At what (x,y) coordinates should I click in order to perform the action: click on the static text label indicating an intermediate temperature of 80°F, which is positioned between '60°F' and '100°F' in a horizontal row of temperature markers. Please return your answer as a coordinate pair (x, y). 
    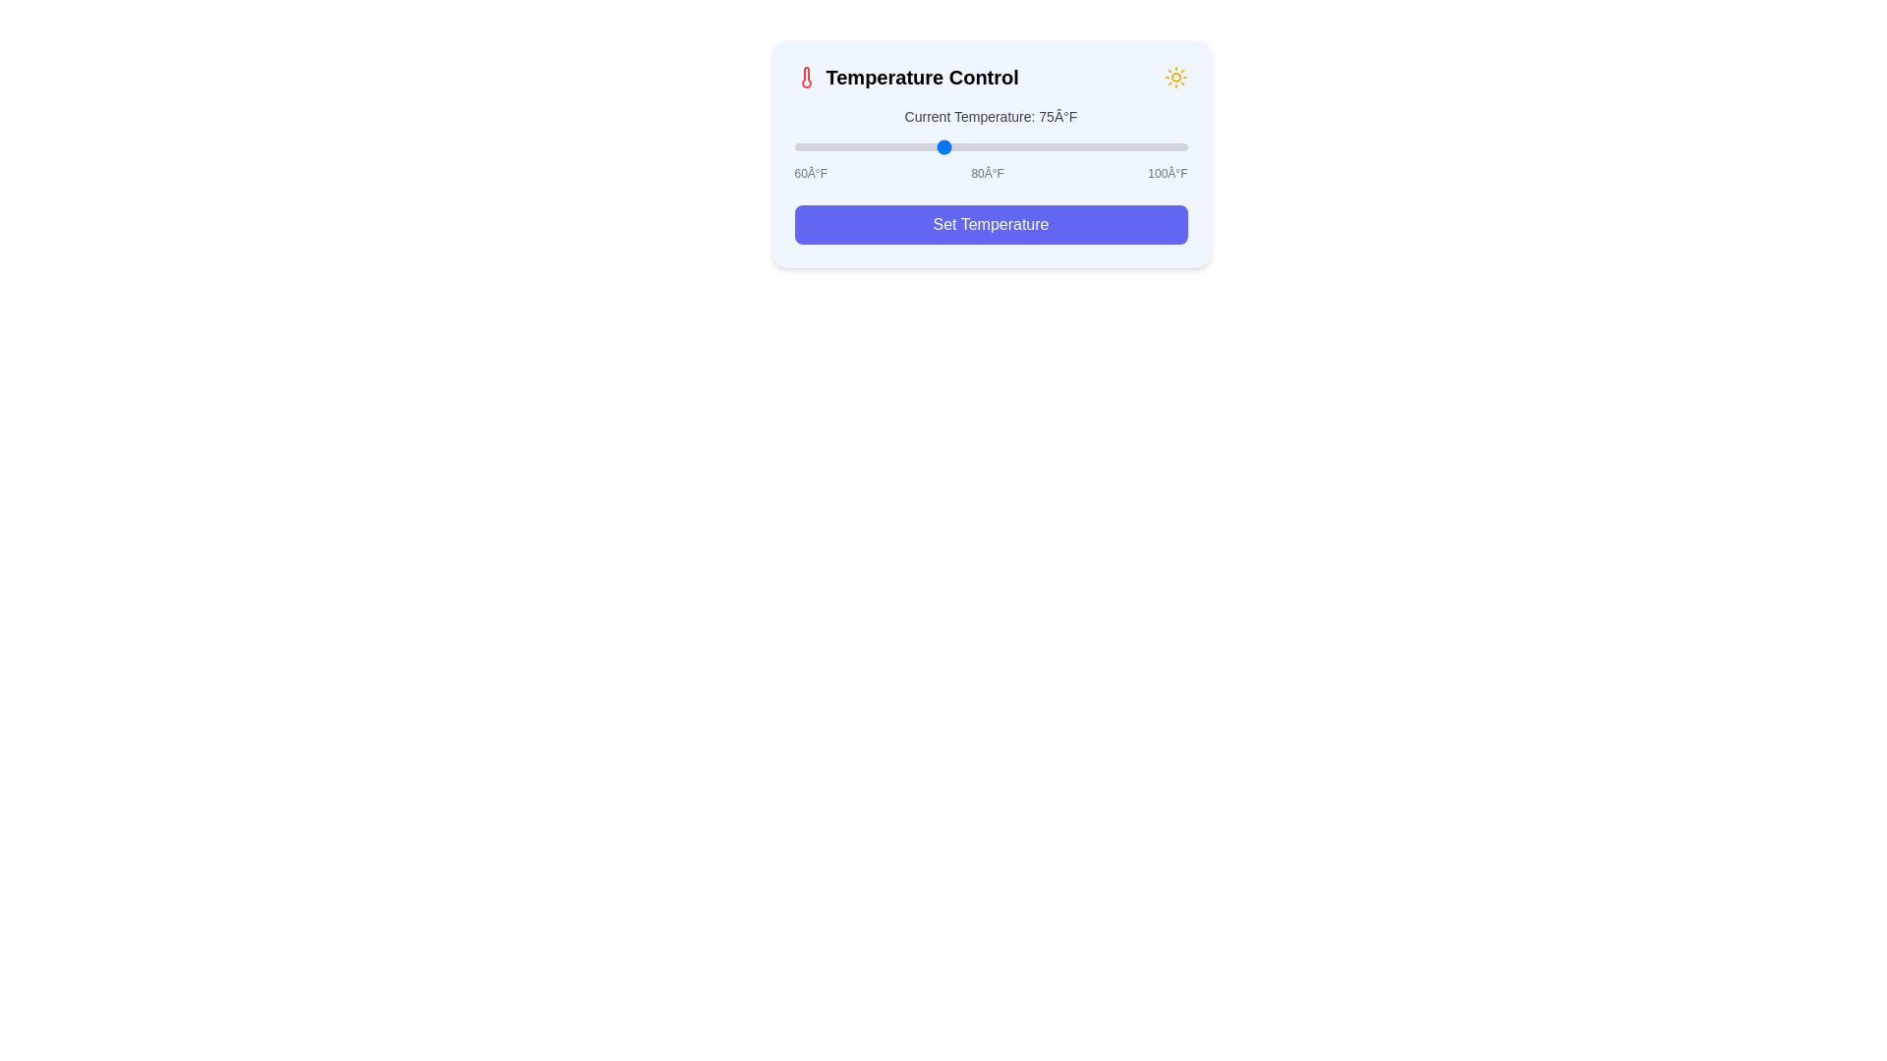
    Looking at the image, I should click on (988, 173).